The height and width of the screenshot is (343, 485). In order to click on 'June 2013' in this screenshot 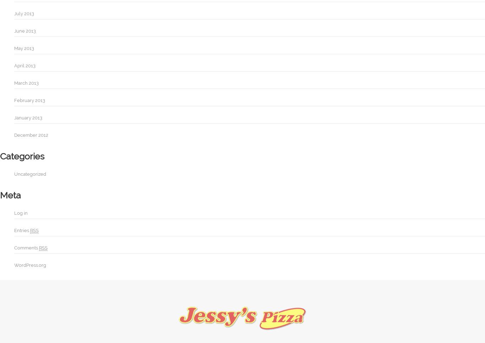, I will do `click(25, 31)`.